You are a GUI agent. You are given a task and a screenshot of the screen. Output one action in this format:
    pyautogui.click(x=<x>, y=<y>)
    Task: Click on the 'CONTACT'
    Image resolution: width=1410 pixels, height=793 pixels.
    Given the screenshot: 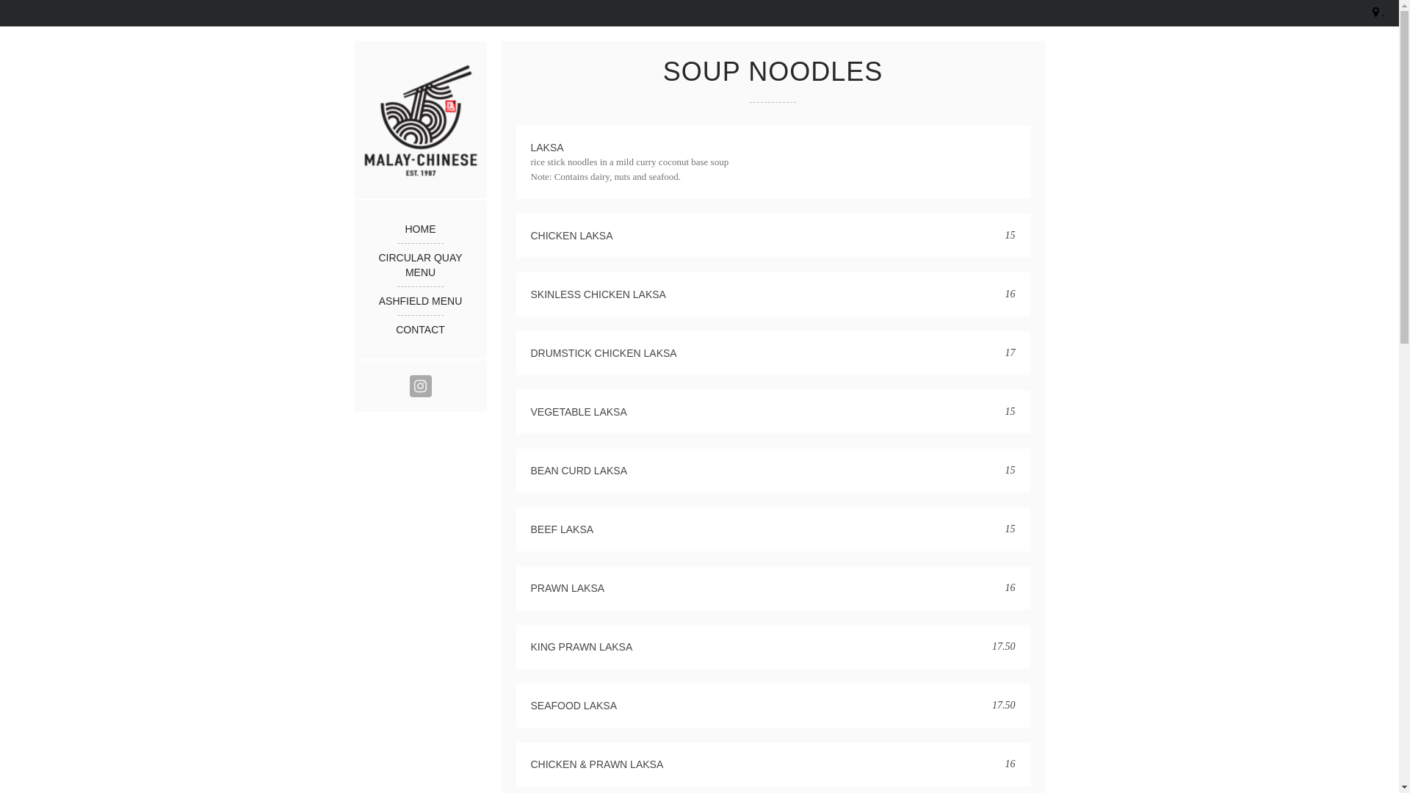 What is the action you would take?
    pyautogui.click(x=419, y=328)
    